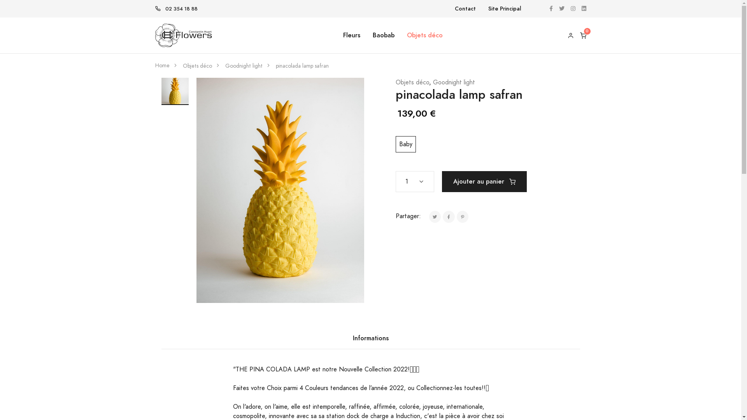  What do you see at coordinates (351, 35) in the screenshot?
I see `'Fleurs'` at bounding box center [351, 35].